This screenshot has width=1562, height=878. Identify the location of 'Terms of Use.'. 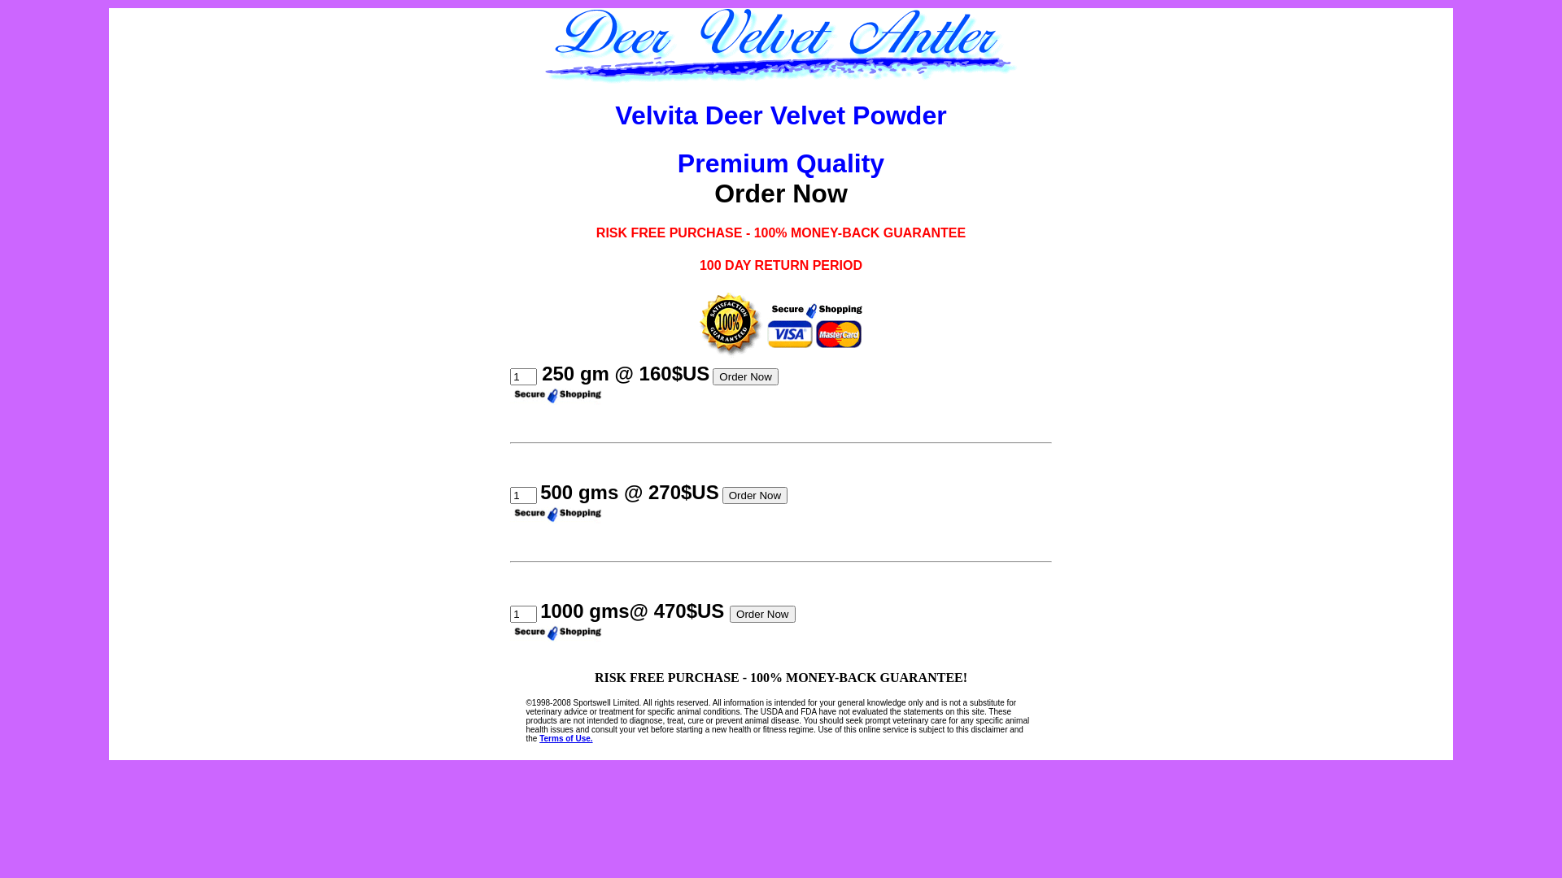
(565, 738).